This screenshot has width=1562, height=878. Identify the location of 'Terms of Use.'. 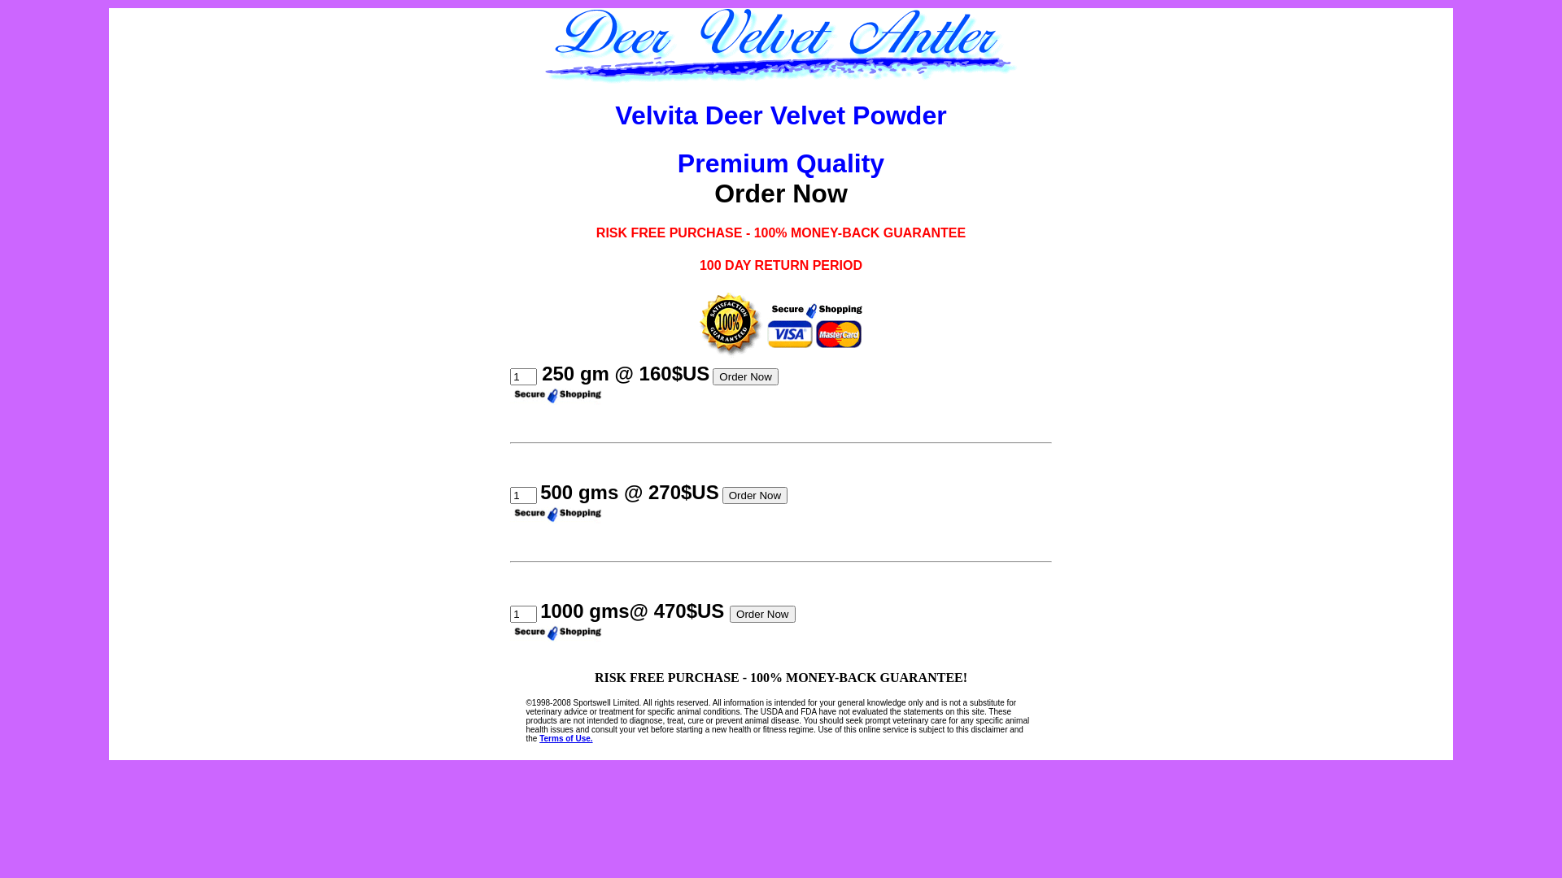
(565, 738).